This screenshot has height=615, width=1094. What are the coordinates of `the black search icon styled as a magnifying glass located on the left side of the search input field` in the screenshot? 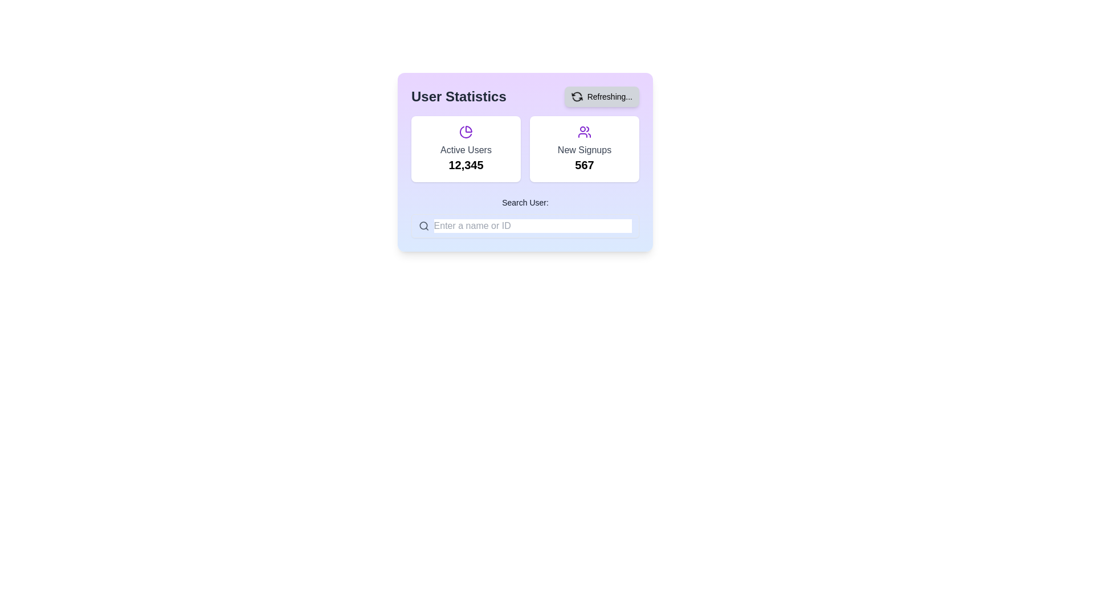 It's located at (423, 226).